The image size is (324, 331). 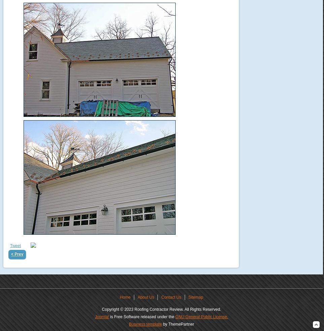 What do you see at coordinates (142, 317) in the screenshot?
I see `'is Free Software released under the'` at bounding box center [142, 317].